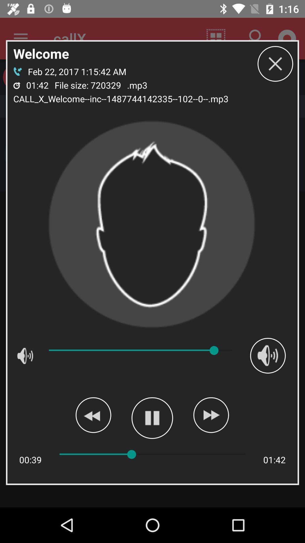  Describe the element at coordinates (152, 418) in the screenshot. I see `play/pause file` at that location.